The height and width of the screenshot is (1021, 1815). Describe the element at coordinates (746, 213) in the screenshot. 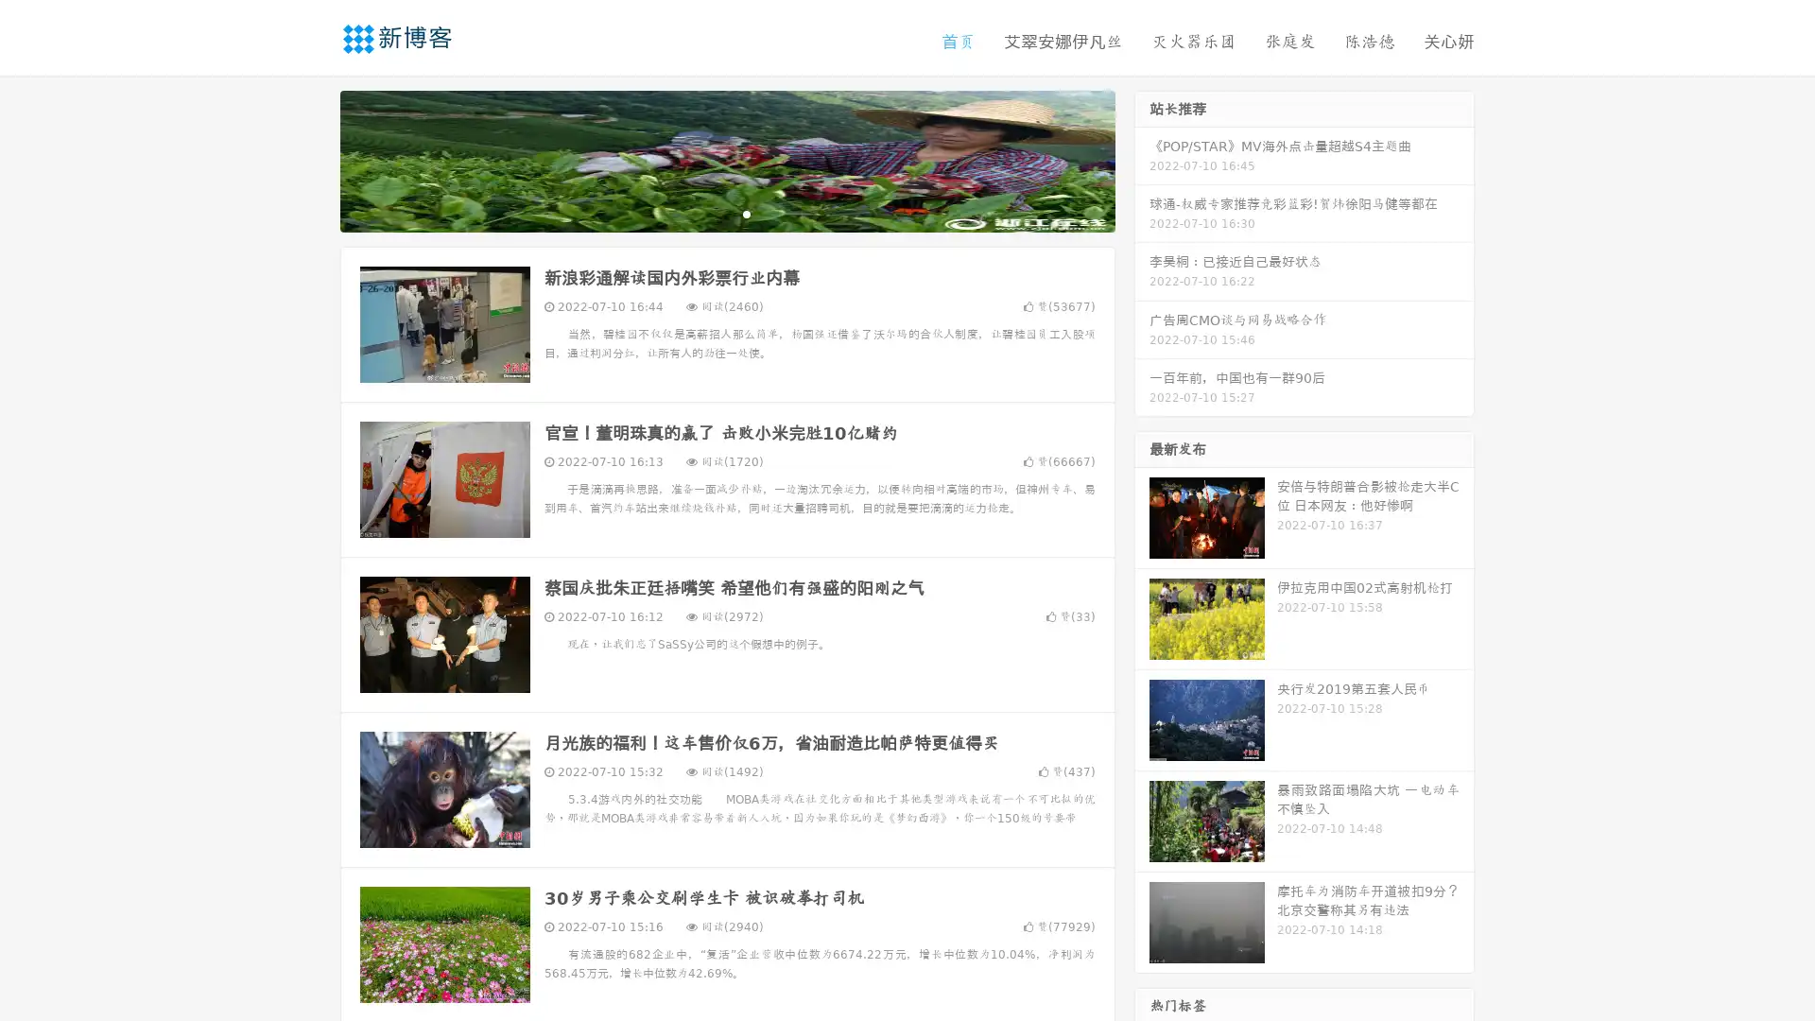

I see `Go to slide 3` at that location.